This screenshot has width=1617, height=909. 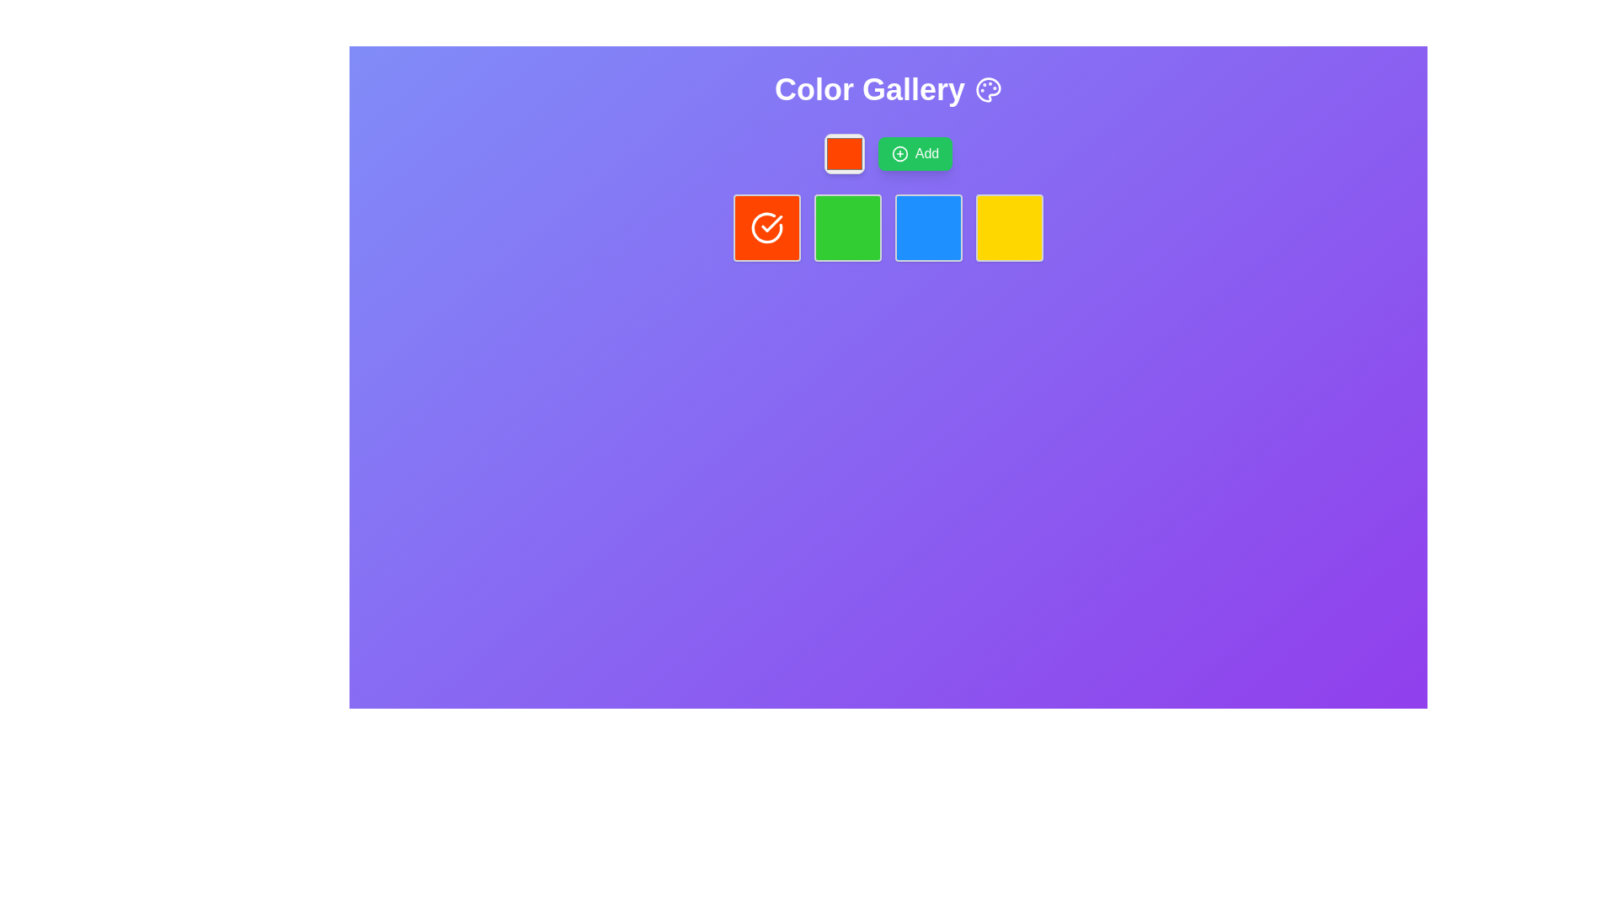 I want to click on the color settings icon located in the top-right region of the interface, adjacent to the title 'Color Gallery', so click(x=989, y=90).